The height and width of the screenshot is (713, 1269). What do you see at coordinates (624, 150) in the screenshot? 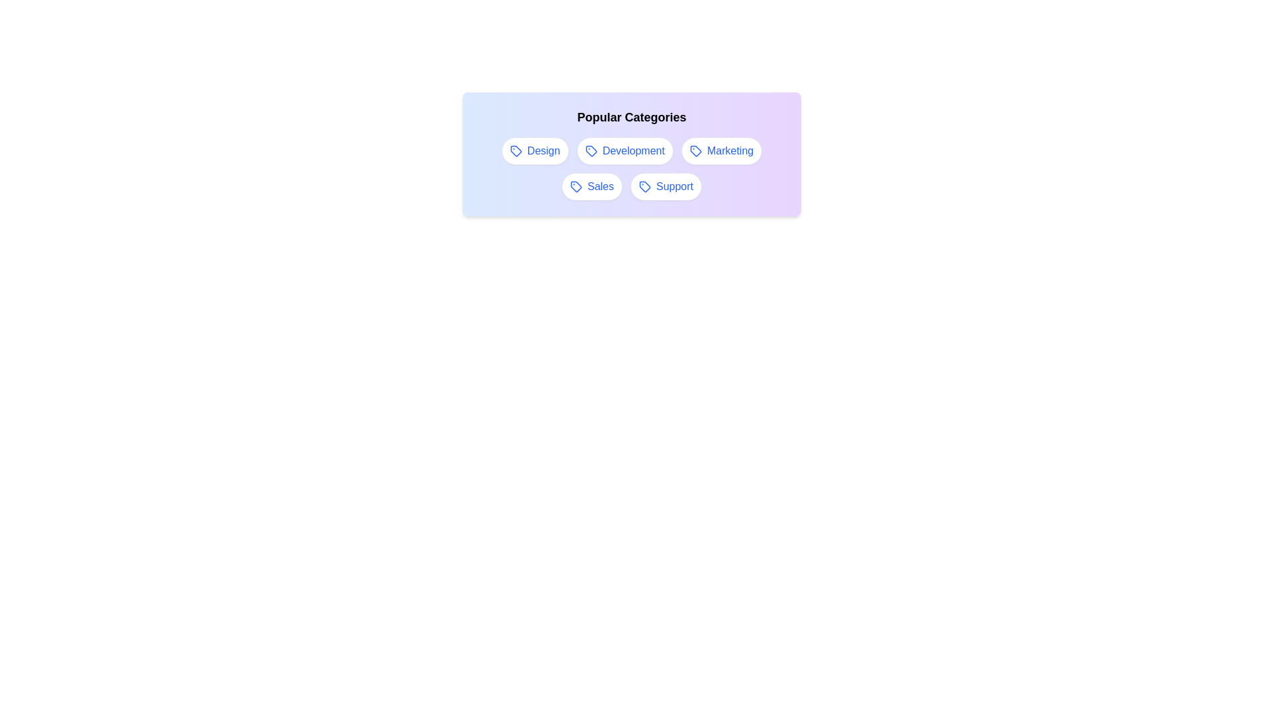
I see `the tag labeled Development` at bounding box center [624, 150].